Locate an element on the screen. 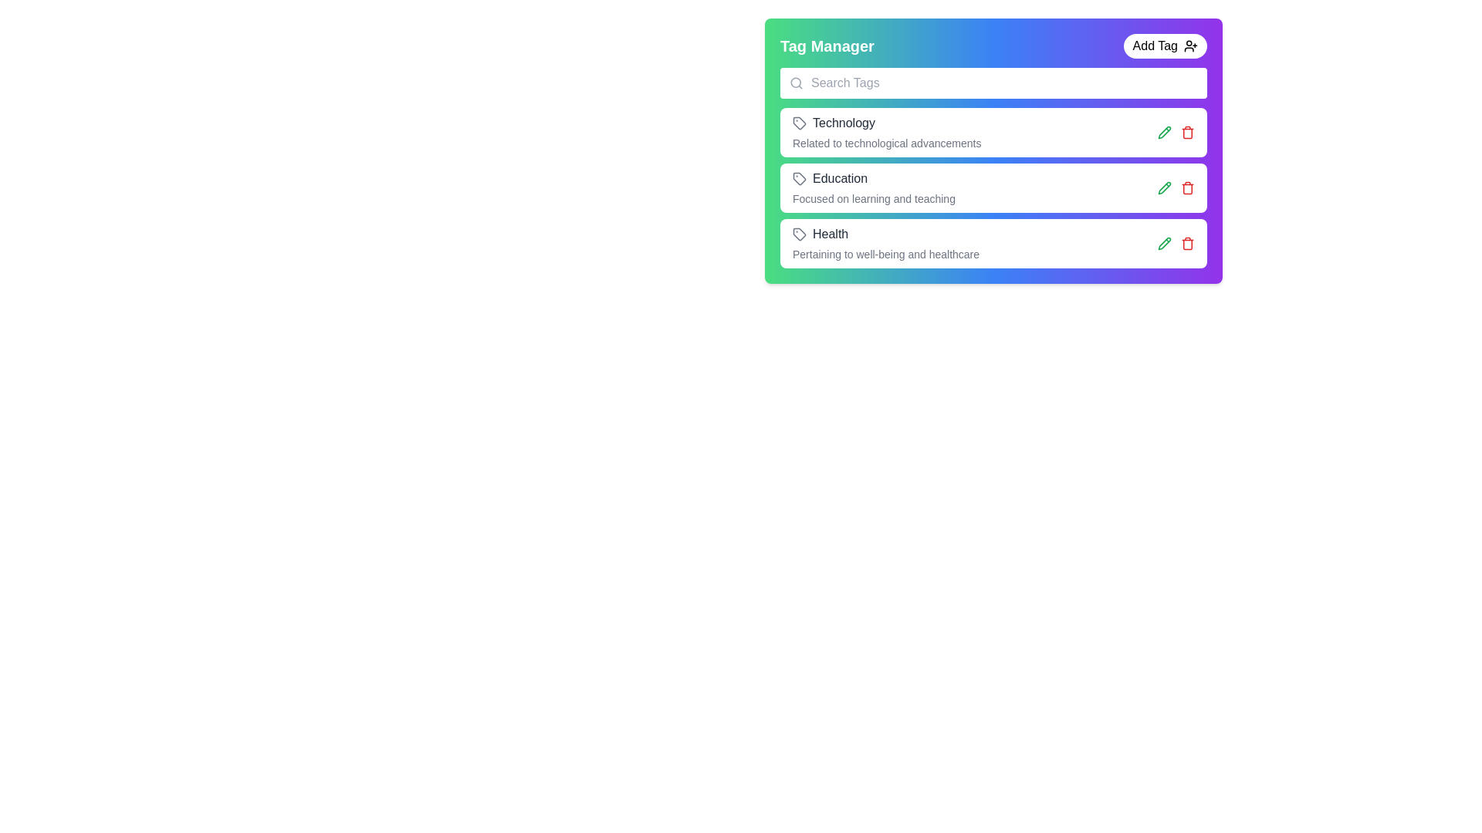 The image size is (1482, 833). the curved vertical line segment that forms part of the trash bin icon, specifically the vertical right side of the bin component is located at coordinates (1187, 133).